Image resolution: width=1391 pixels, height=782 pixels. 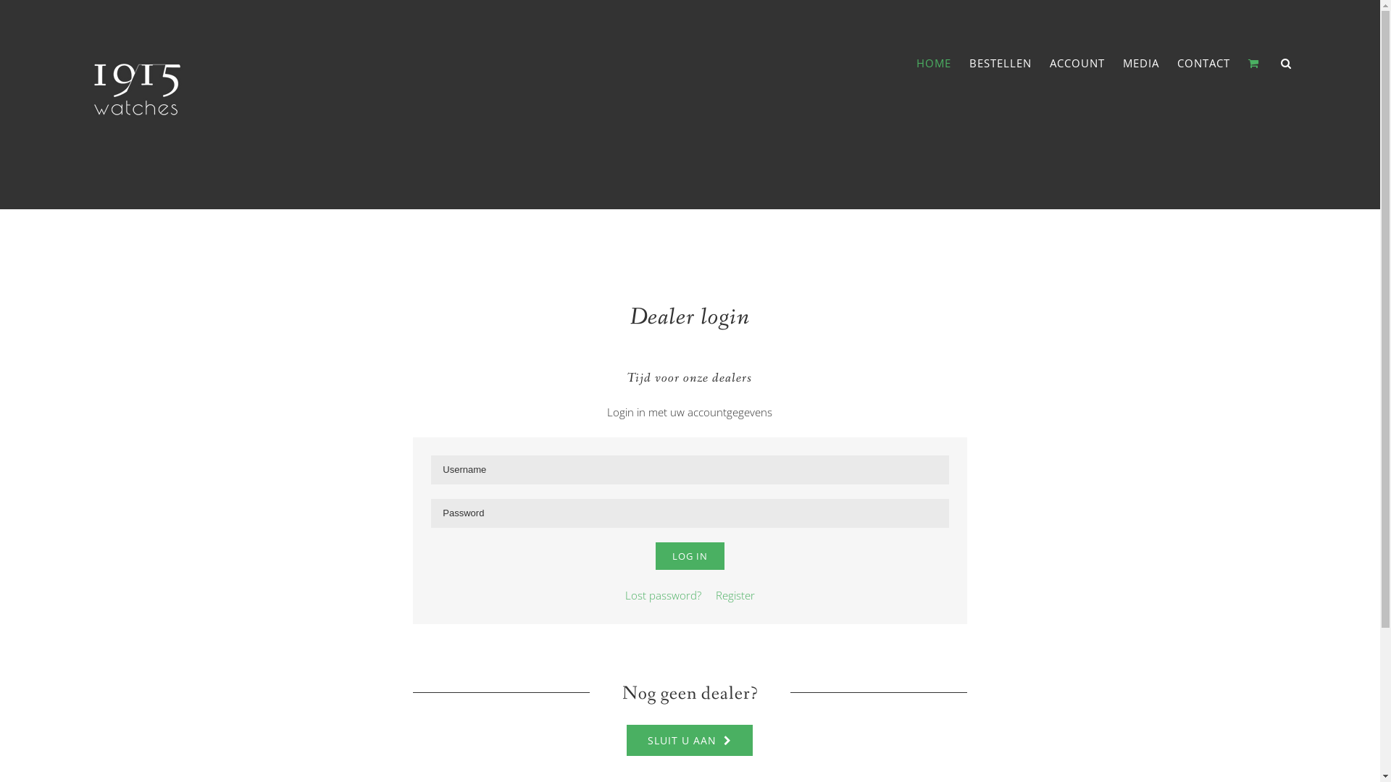 What do you see at coordinates (934, 62) in the screenshot?
I see `'HOME'` at bounding box center [934, 62].